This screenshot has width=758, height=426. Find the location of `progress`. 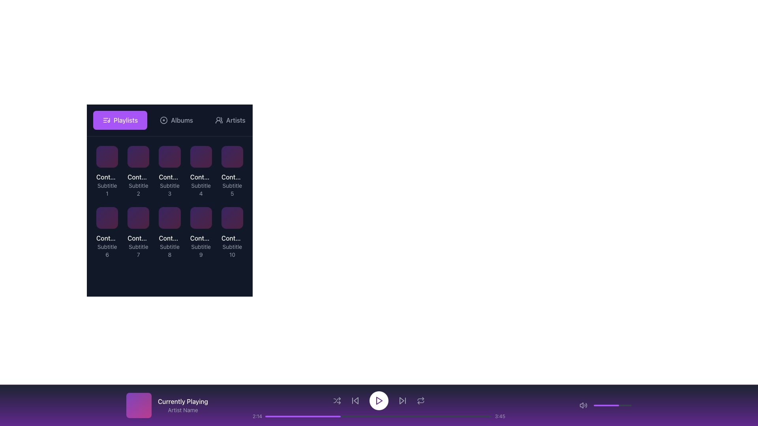

progress is located at coordinates (347, 416).